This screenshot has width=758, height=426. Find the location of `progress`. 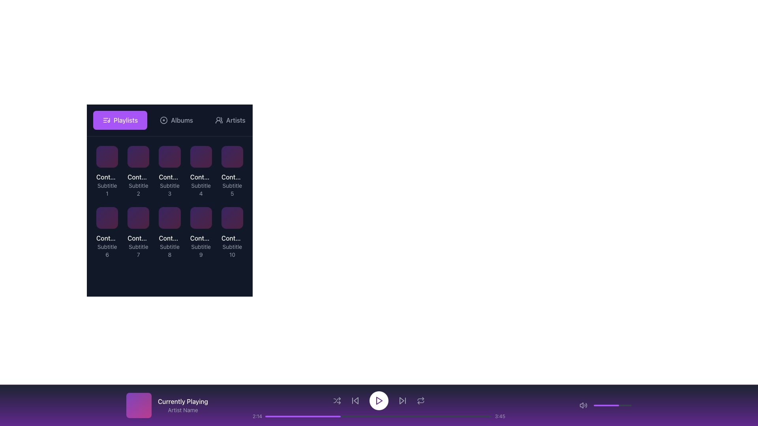

progress is located at coordinates (347, 416).